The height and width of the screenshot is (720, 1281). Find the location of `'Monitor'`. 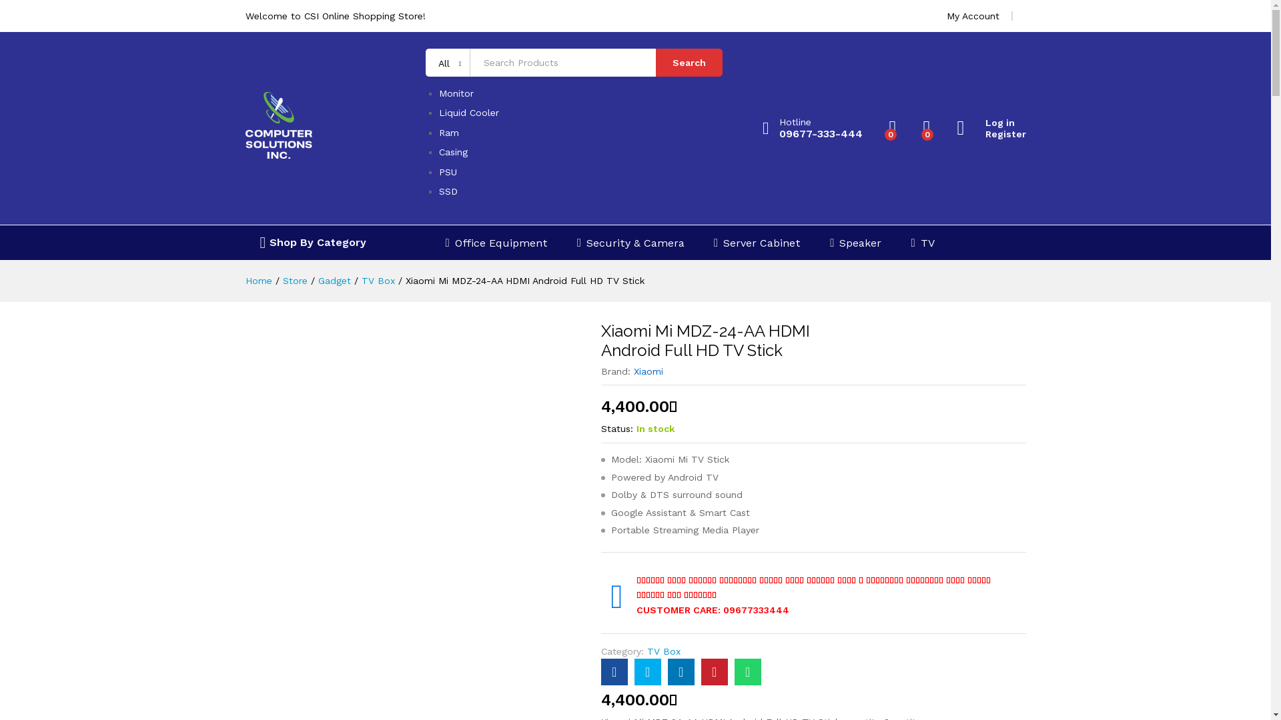

'Monitor' is located at coordinates (456, 92).